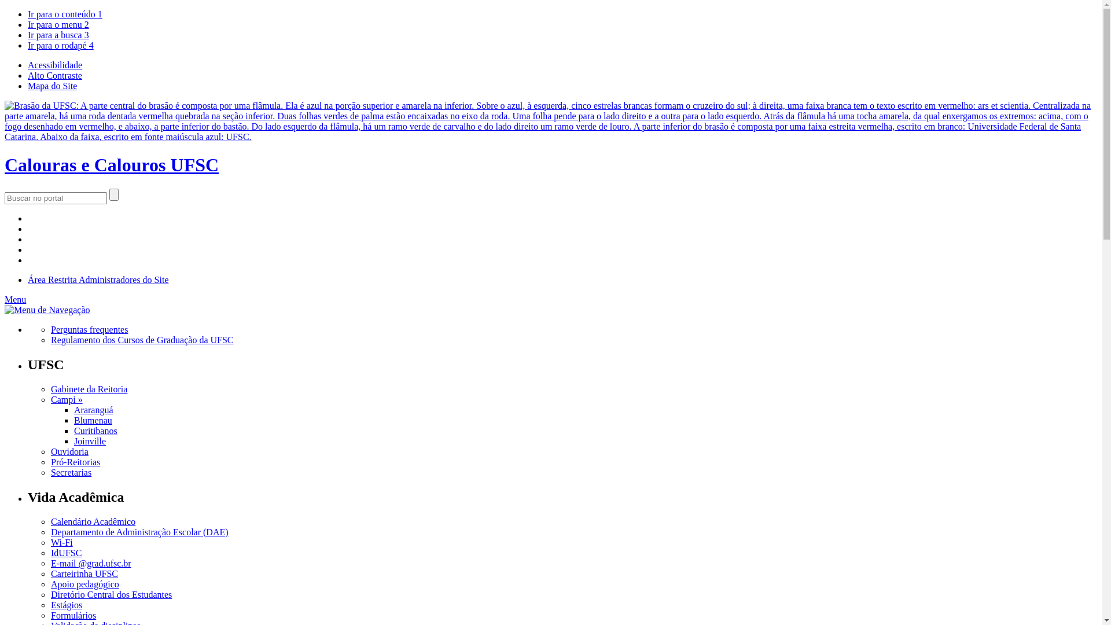  What do you see at coordinates (83, 573) in the screenshot?
I see `'Carteirinha UFSC'` at bounding box center [83, 573].